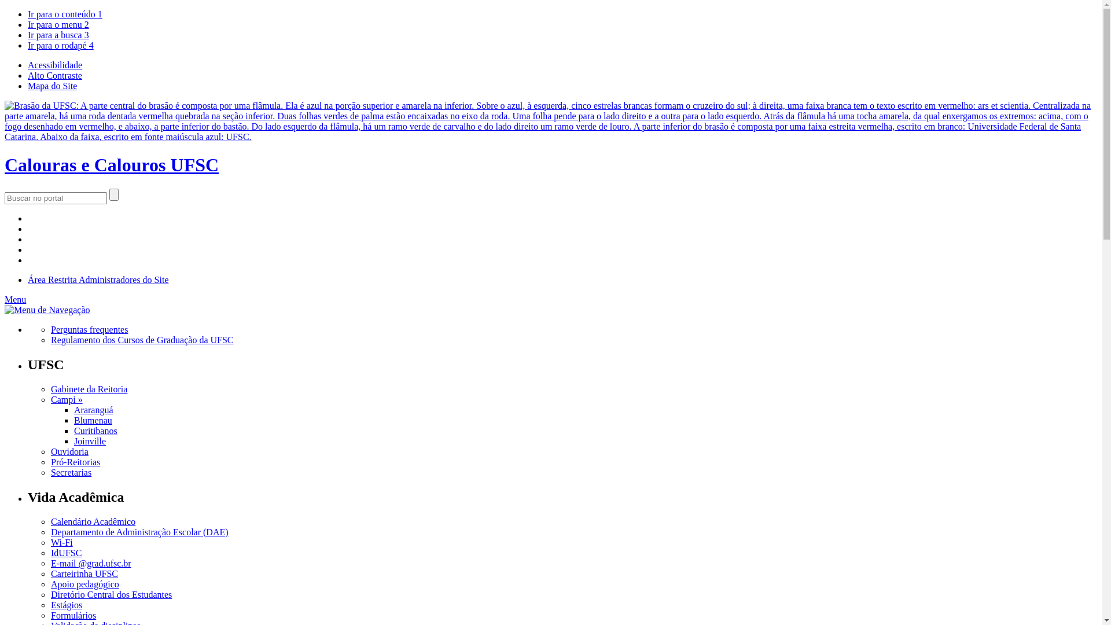  What do you see at coordinates (83, 573) in the screenshot?
I see `'Carteirinha UFSC'` at bounding box center [83, 573].